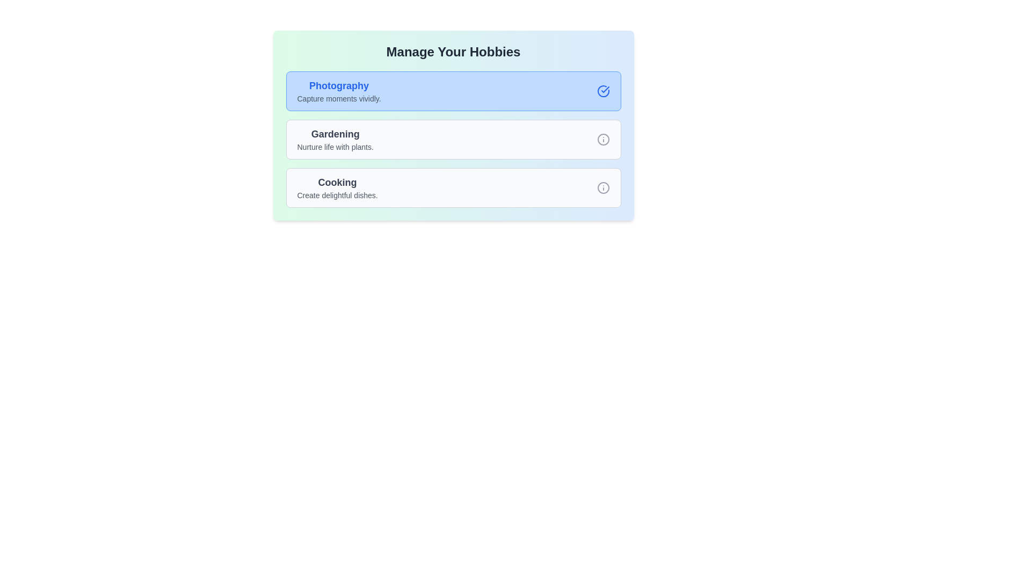  Describe the element at coordinates (453, 139) in the screenshot. I see `the hobby card with the name Gardening` at that location.